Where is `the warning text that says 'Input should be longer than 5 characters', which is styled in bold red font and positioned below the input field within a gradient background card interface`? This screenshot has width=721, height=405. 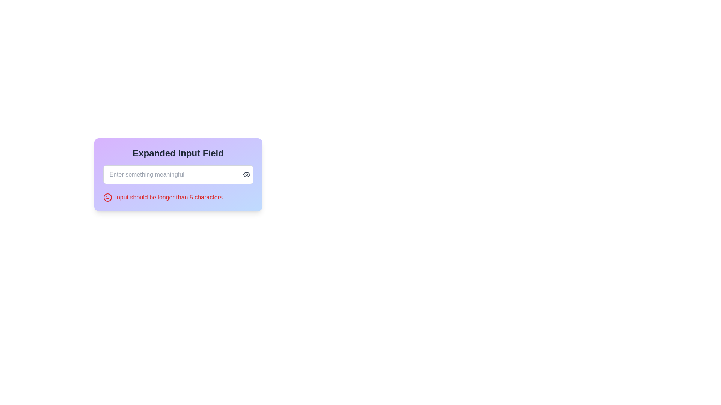 the warning text that says 'Input should be longer than 5 characters', which is styled in bold red font and positioned below the input field within a gradient background card interface is located at coordinates (178, 197).